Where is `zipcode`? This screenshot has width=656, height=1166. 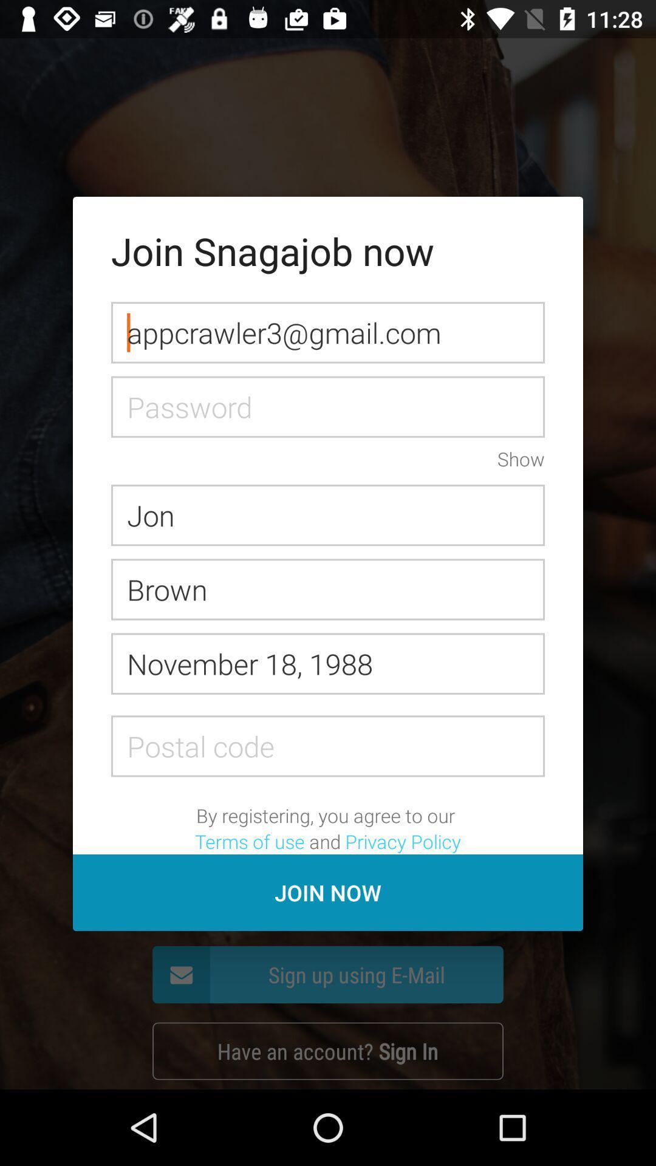
zipcode is located at coordinates (328, 745).